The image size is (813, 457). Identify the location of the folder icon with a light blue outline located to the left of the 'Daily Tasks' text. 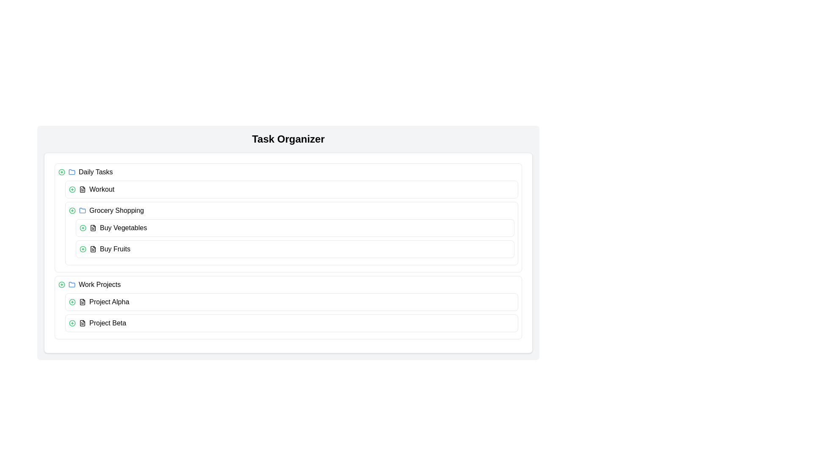
(72, 172).